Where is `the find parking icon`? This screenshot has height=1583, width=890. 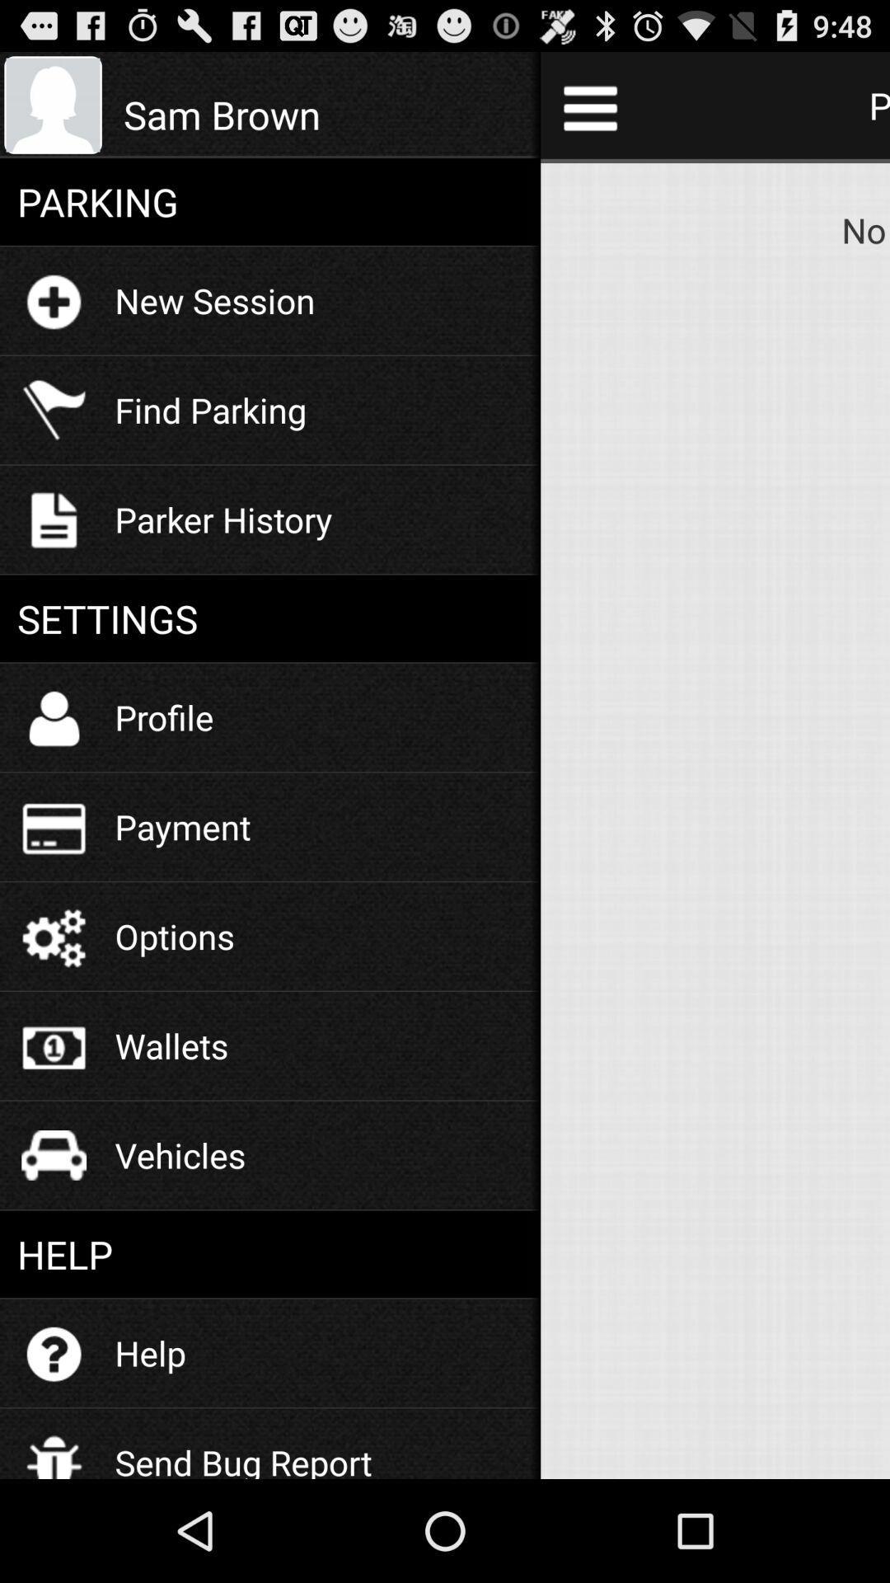 the find parking icon is located at coordinates (209, 410).